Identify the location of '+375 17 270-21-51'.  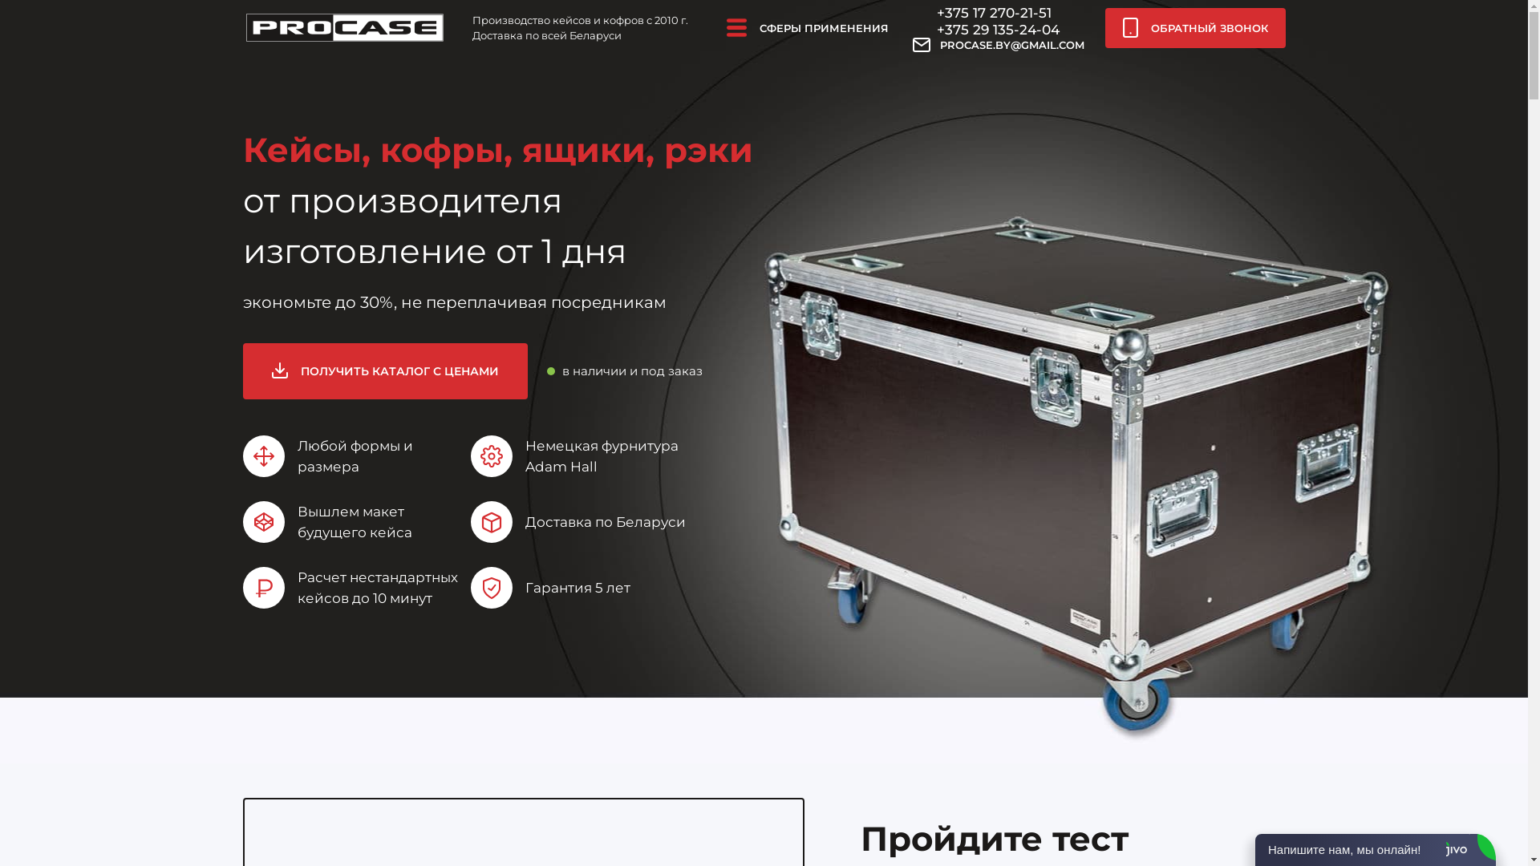
(993, 12).